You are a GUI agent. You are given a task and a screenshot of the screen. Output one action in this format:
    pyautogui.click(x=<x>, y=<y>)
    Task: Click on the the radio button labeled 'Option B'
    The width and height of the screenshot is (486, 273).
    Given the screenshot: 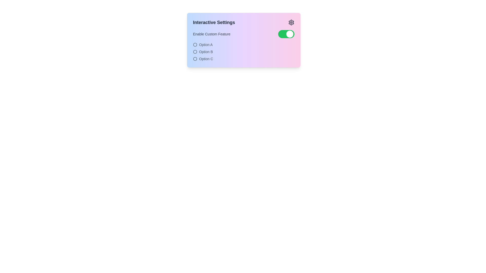 What is the action you would take?
    pyautogui.click(x=195, y=52)
    